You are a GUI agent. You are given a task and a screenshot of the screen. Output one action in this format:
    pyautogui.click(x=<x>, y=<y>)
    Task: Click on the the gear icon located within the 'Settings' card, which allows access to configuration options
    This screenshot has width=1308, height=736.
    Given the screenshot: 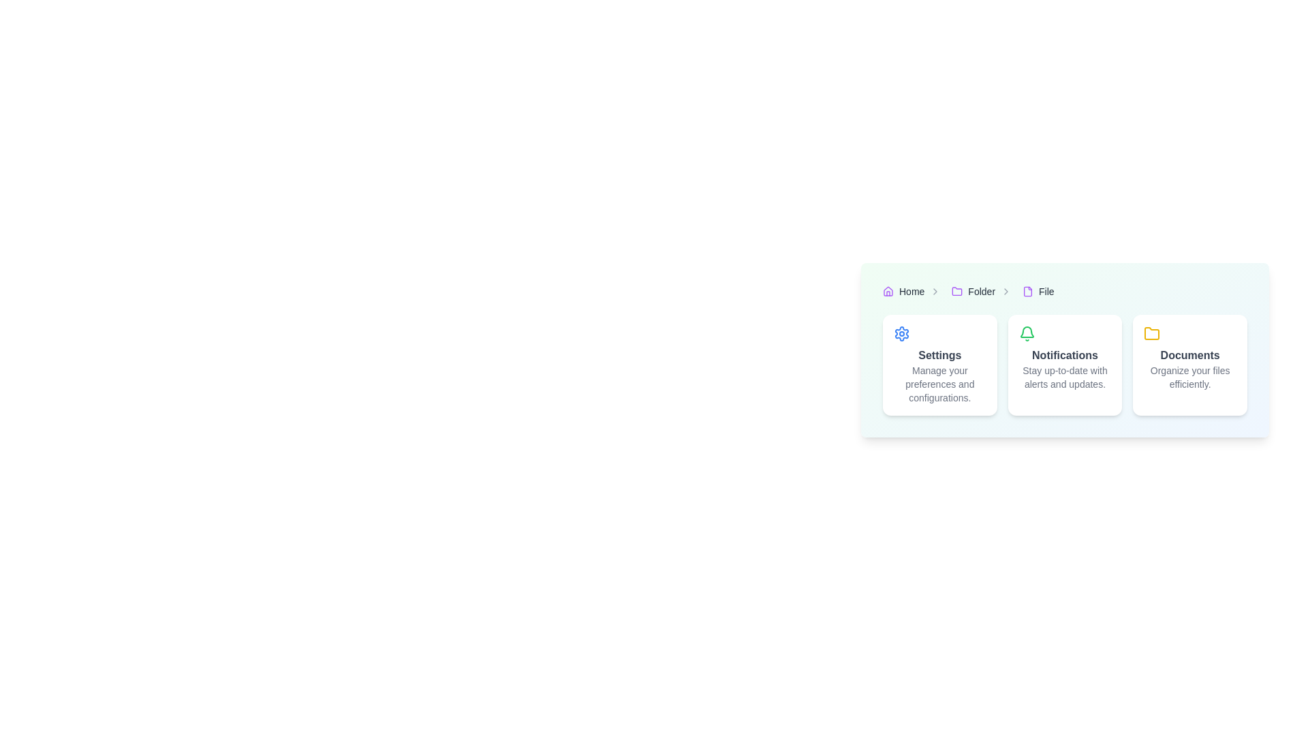 What is the action you would take?
    pyautogui.click(x=902, y=333)
    